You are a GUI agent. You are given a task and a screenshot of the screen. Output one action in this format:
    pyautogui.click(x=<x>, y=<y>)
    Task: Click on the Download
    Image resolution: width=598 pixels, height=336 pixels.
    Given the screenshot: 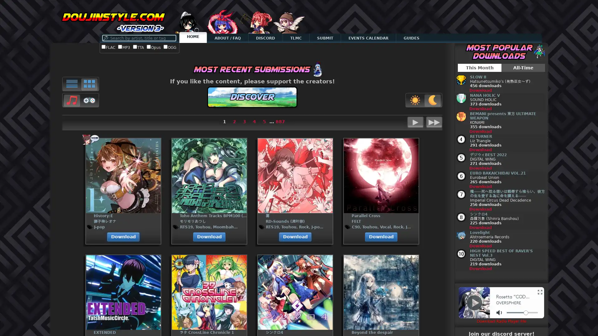 What is the action you would take?
    pyautogui.click(x=480, y=168)
    